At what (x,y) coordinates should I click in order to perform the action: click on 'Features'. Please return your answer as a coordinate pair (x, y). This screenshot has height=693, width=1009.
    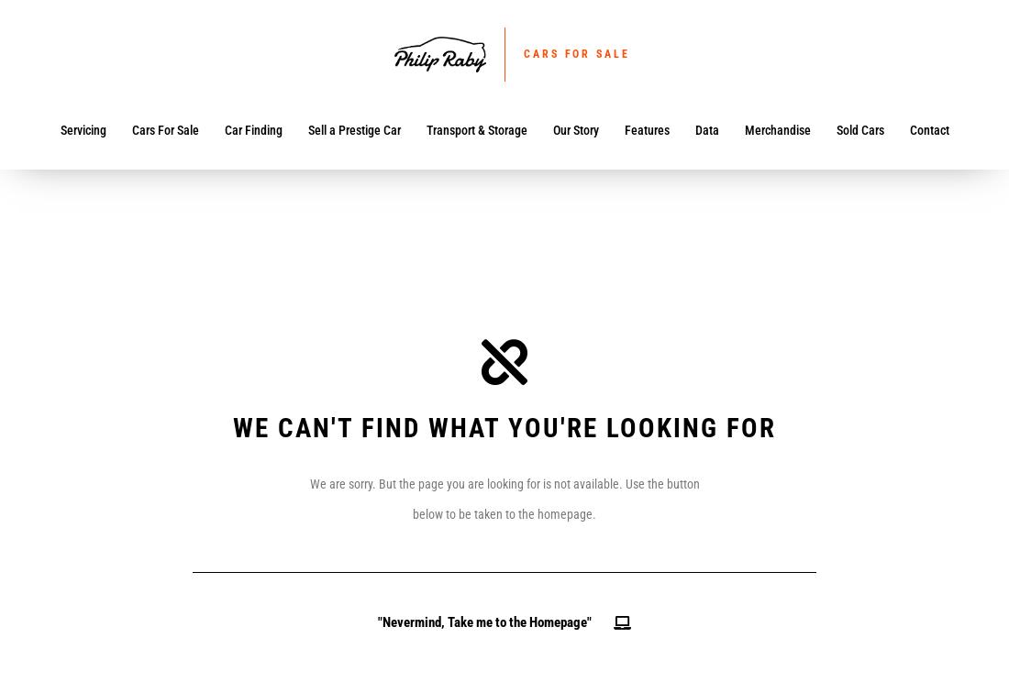
    Looking at the image, I should click on (645, 129).